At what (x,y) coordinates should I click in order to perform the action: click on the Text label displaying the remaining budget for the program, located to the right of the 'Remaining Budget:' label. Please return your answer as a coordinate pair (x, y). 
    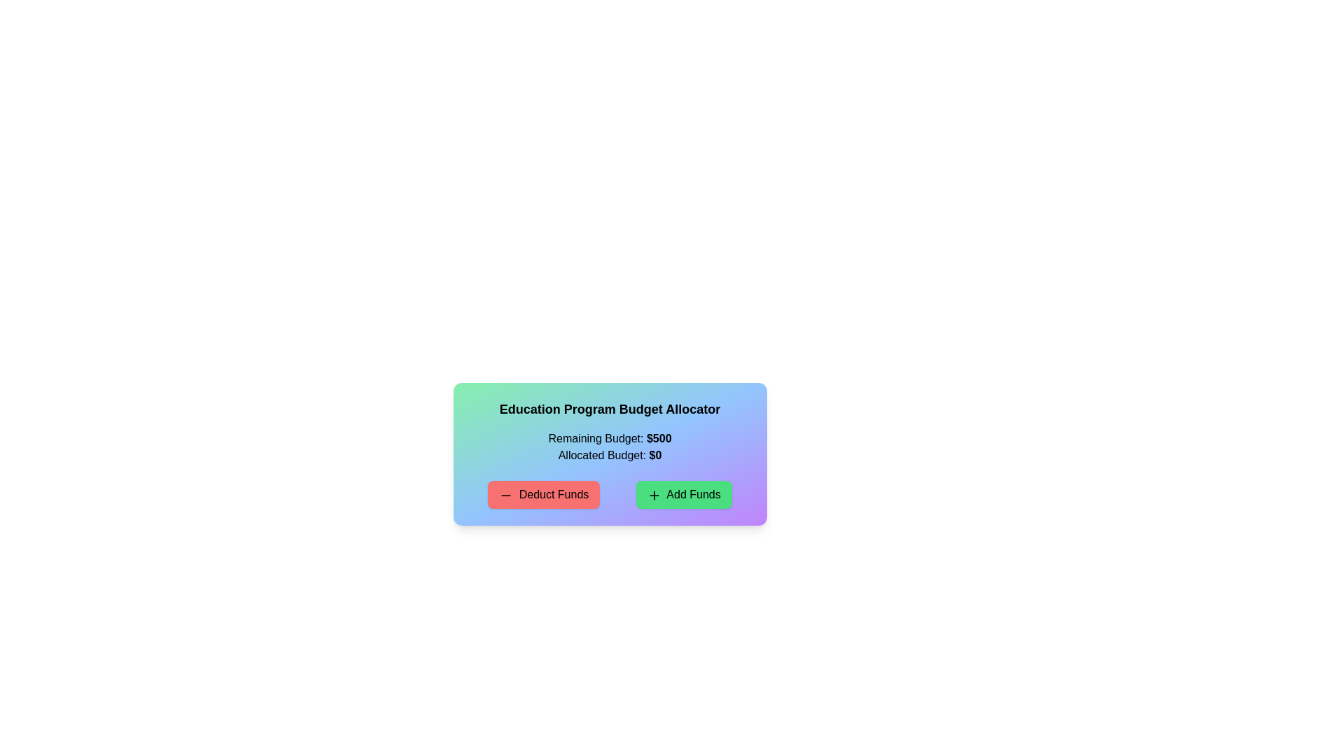
    Looking at the image, I should click on (658, 437).